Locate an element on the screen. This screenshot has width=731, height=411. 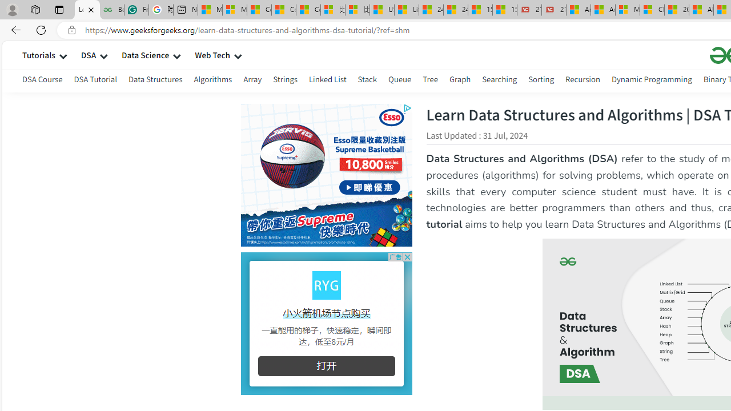
'Sorting' is located at coordinates (540, 79).